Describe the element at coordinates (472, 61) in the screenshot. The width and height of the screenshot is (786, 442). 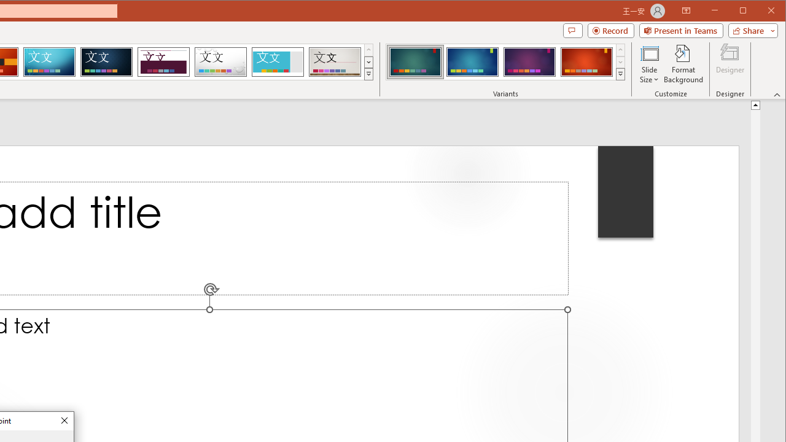
I see `'Ion Variant 2'` at that location.